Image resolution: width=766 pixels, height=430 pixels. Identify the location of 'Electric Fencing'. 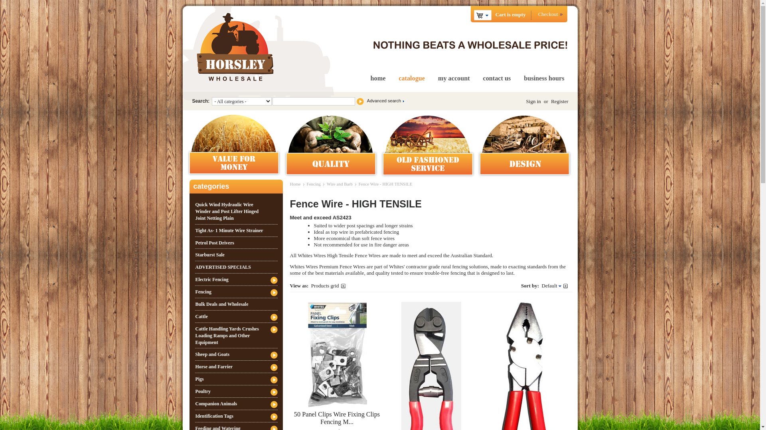
(235, 279).